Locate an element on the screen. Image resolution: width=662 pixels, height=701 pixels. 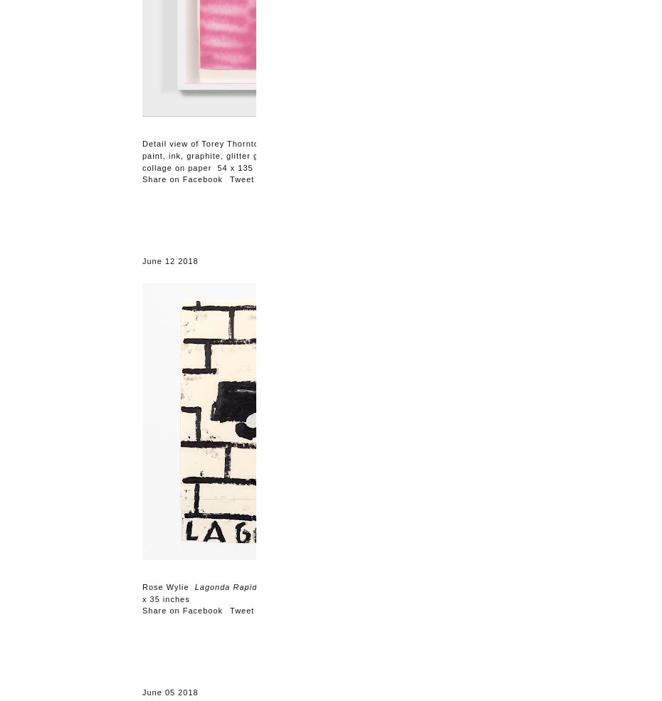
'Again, Again Not A Drawing' is located at coordinates (327, 143).